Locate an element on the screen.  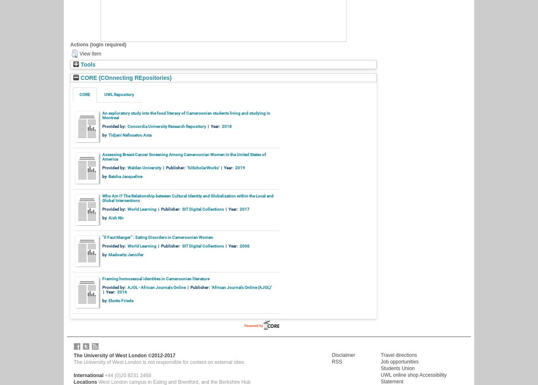
'The University of West London ©2012-2017' is located at coordinates (73, 355).